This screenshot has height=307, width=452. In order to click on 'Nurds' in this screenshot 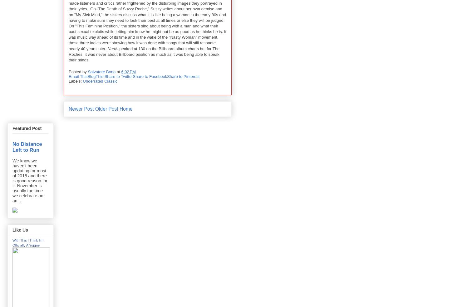, I will do `click(112, 48)`.